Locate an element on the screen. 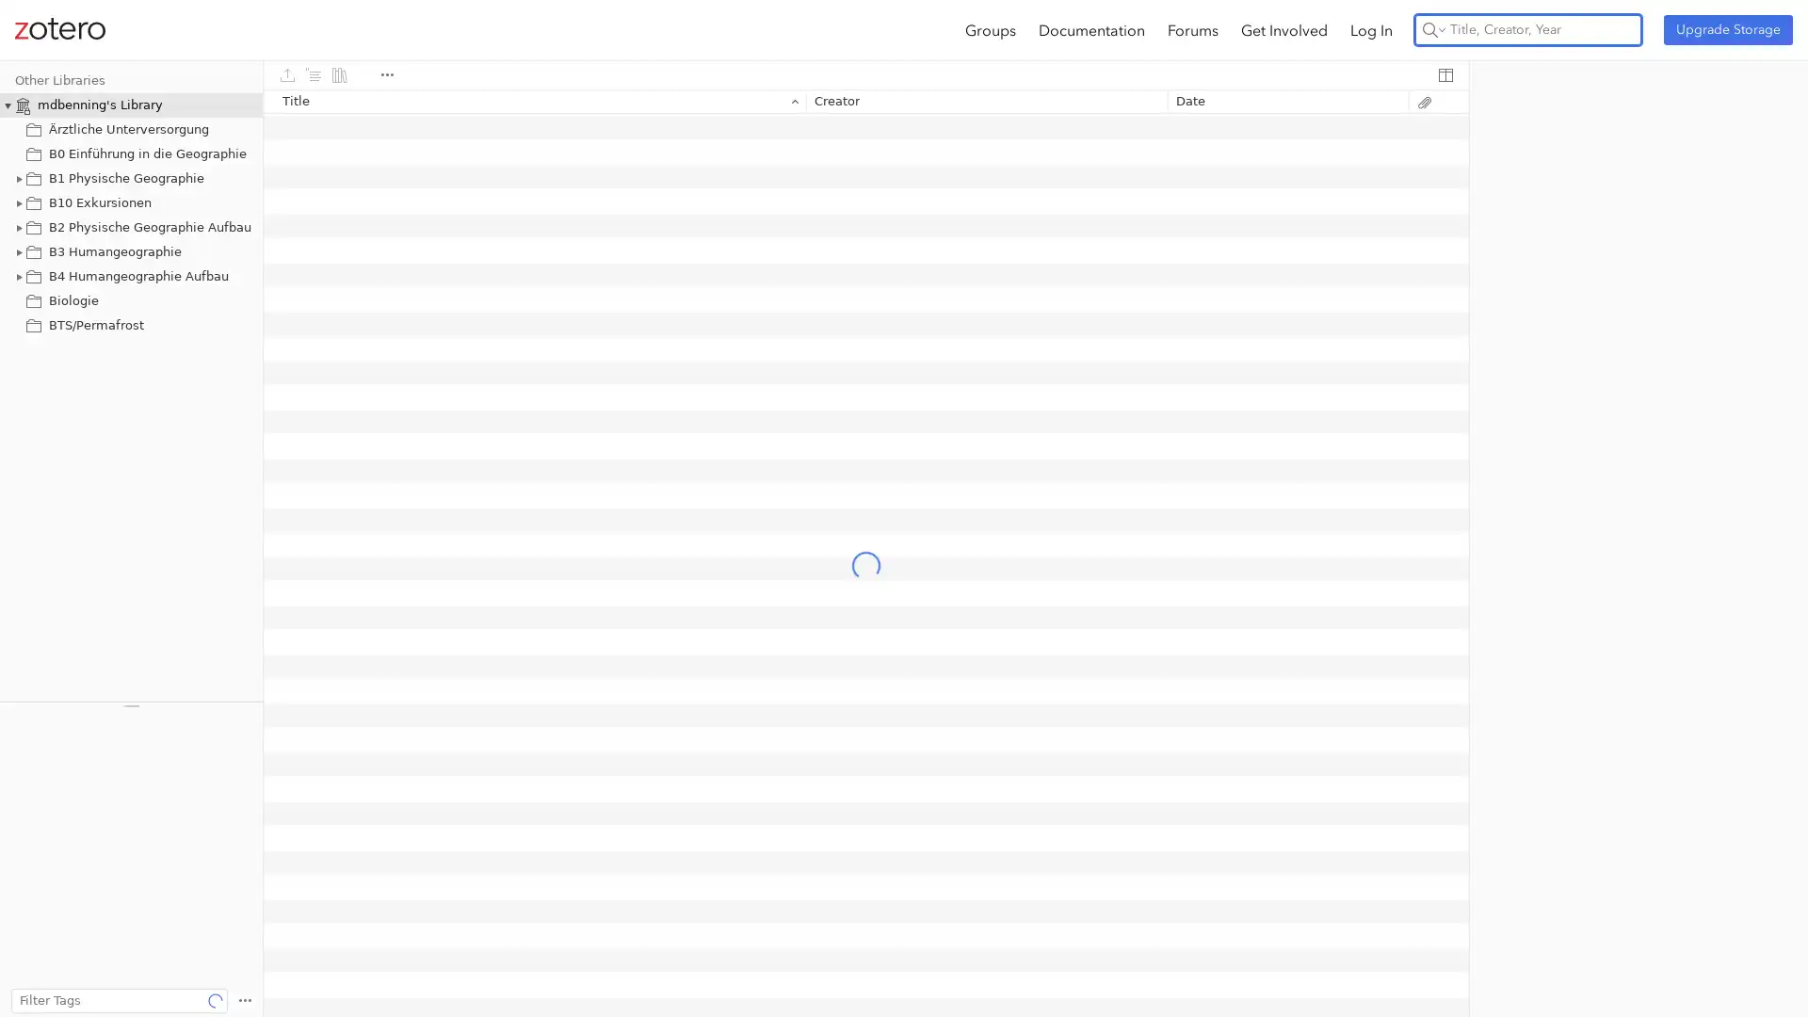  gesetzliche Regelung is located at coordinates (74, 947).